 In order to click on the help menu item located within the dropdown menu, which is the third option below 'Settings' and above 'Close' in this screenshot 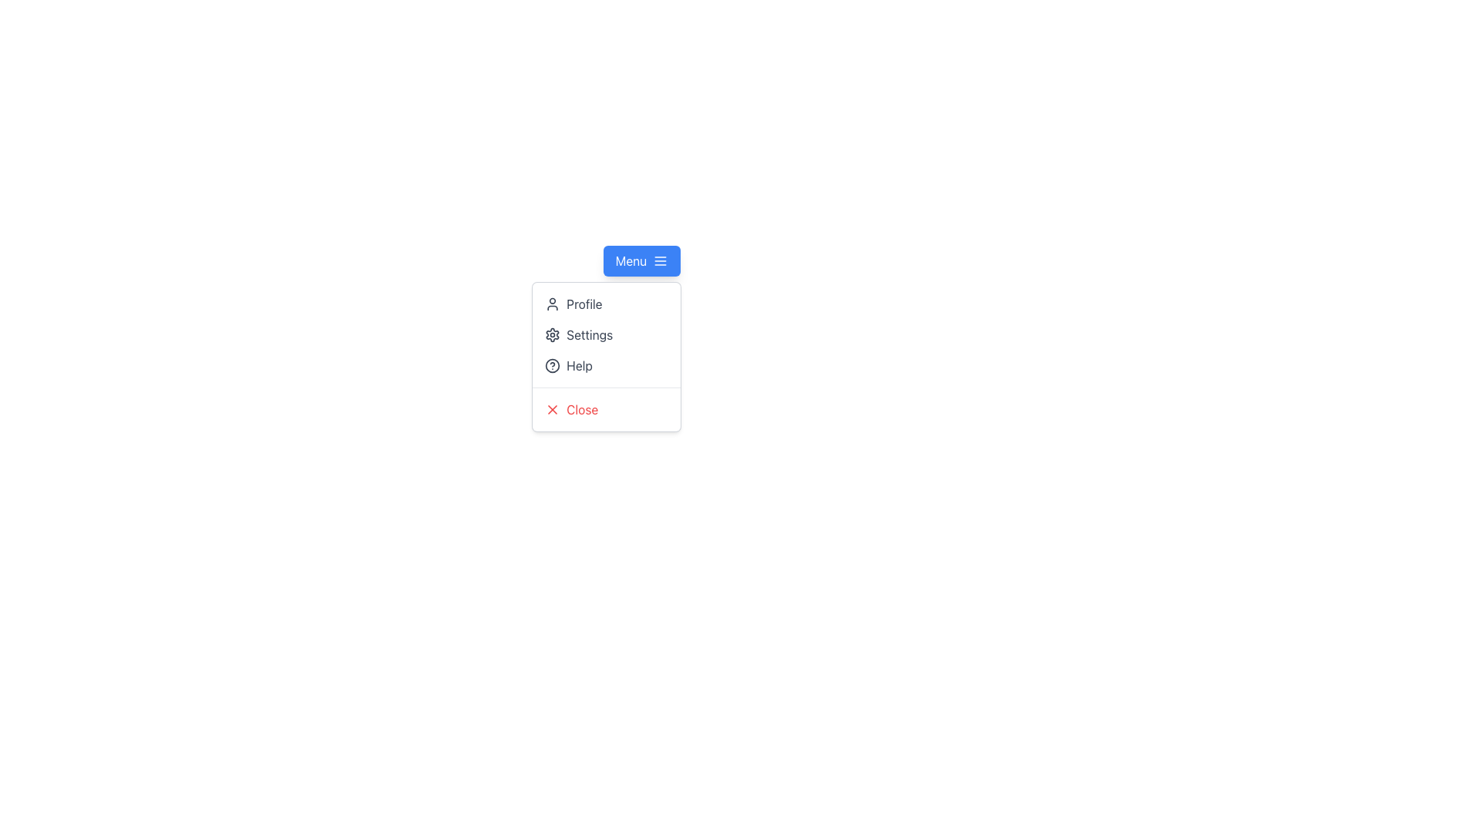, I will do `click(606, 365)`.